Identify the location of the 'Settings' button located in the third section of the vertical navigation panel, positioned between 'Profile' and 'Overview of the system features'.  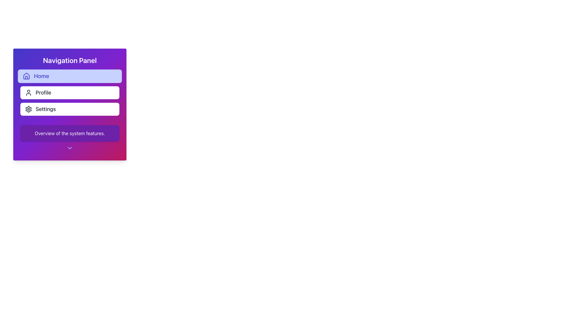
(70, 104).